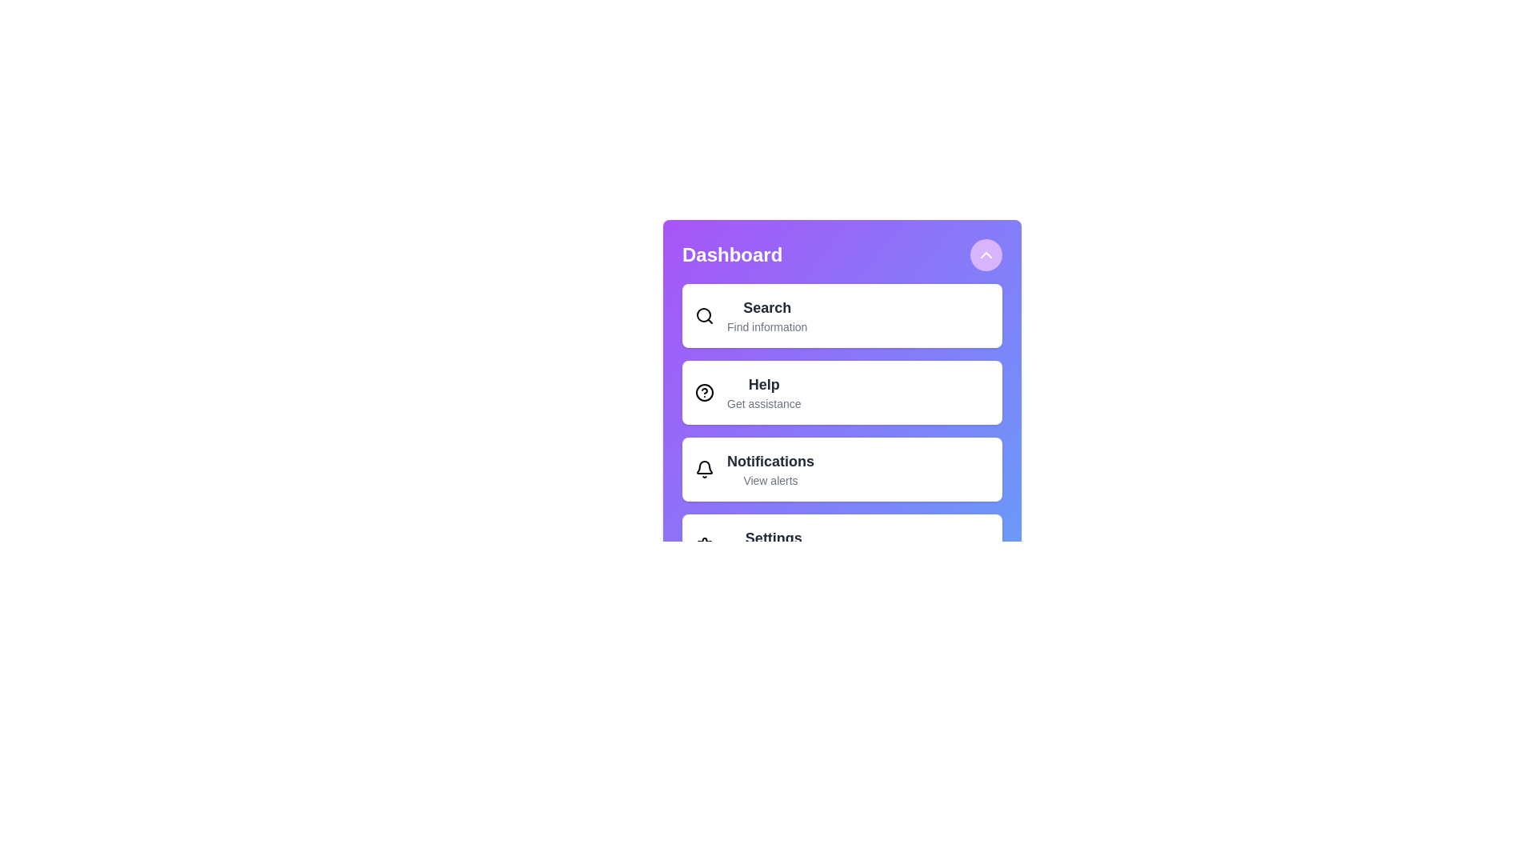  I want to click on the description of the menu item Help, so click(763, 385).